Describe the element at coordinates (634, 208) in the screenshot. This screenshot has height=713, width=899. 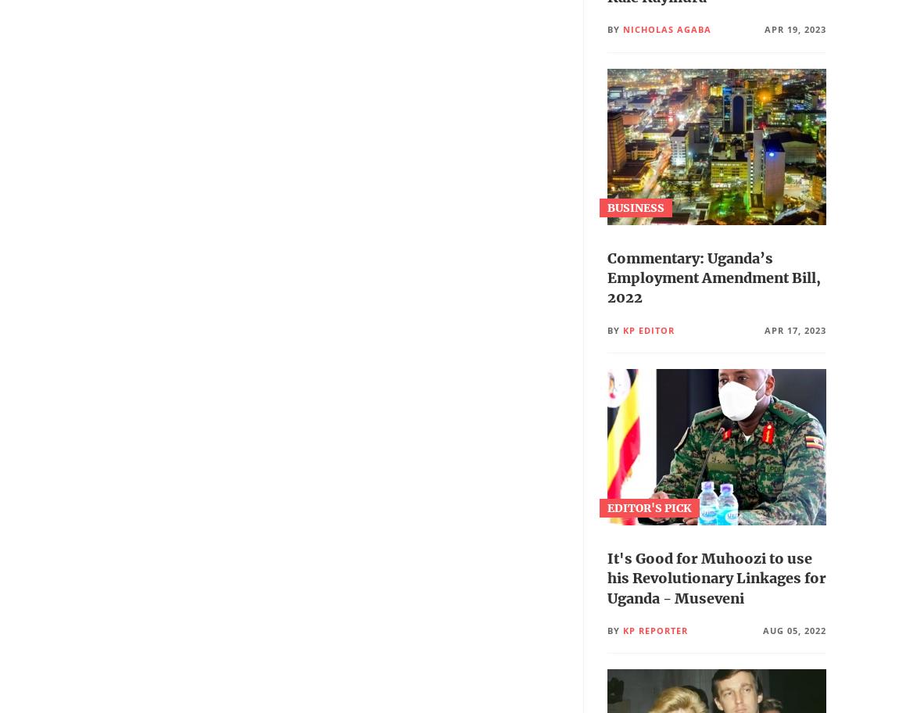
I see `'business'` at that location.